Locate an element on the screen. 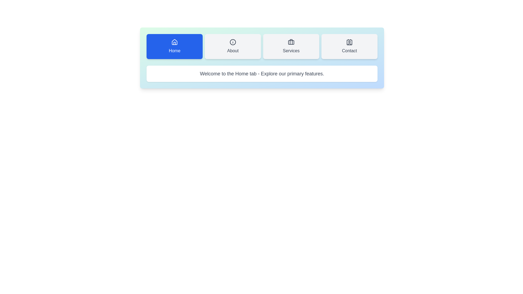 The image size is (523, 294). the 'Contact' text label which is styled as a standard typeface and positioned under an icon within a grouped navigational options layout is located at coordinates (349, 51).